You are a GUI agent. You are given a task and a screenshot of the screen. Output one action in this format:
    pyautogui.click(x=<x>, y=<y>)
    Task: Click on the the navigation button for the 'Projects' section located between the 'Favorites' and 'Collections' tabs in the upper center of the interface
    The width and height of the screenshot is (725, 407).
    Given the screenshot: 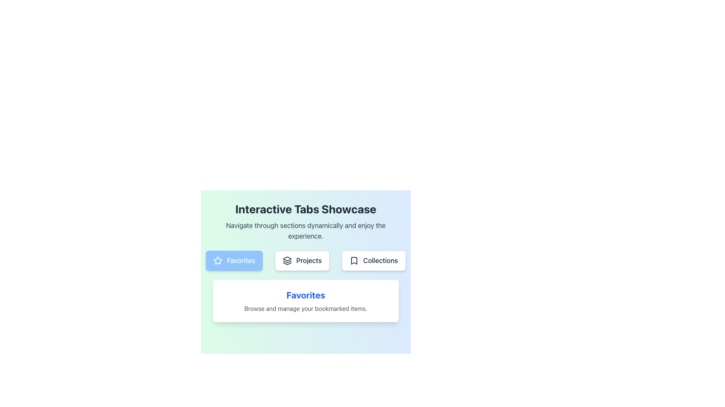 What is the action you would take?
    pyautogui.click(x=302, y=260)
    